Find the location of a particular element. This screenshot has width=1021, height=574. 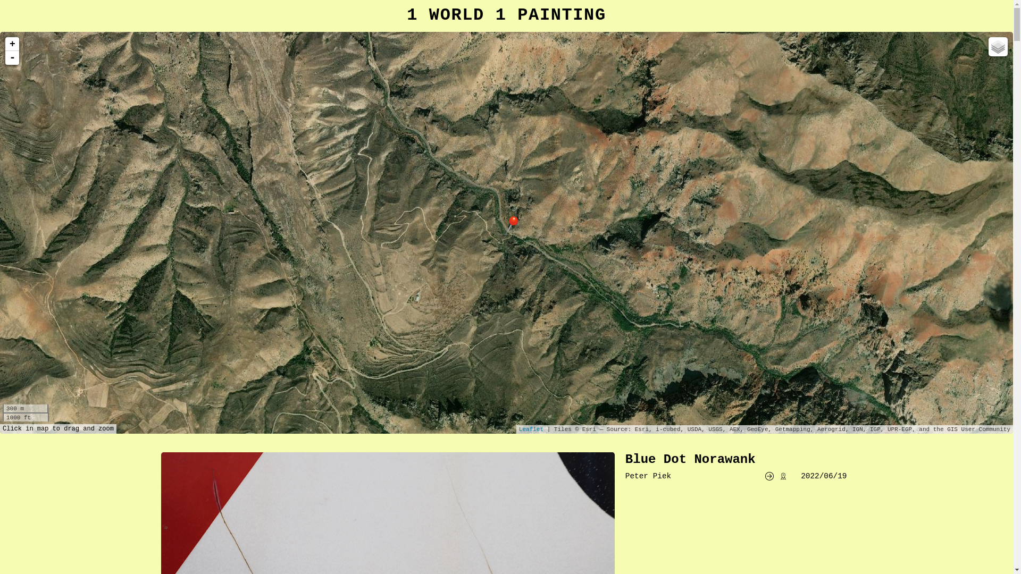

'Leaflet' is located at coordinates (531, 428).